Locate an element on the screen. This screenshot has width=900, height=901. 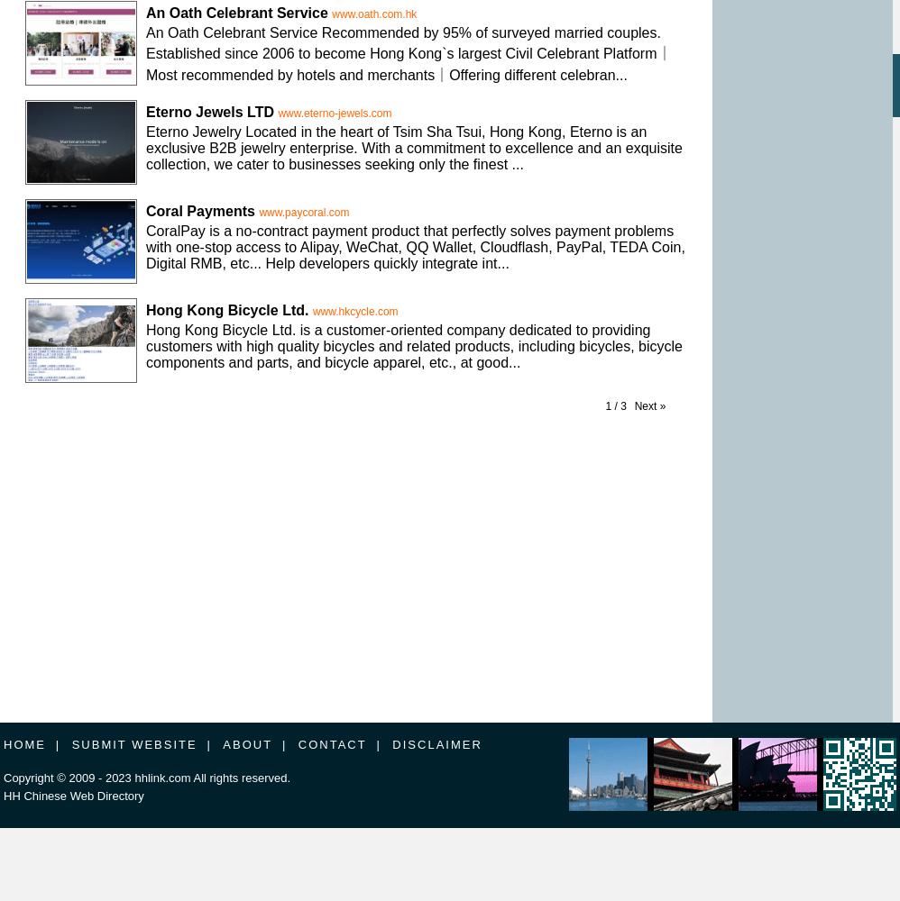
'HOME' is located at coordinates (24, 743).